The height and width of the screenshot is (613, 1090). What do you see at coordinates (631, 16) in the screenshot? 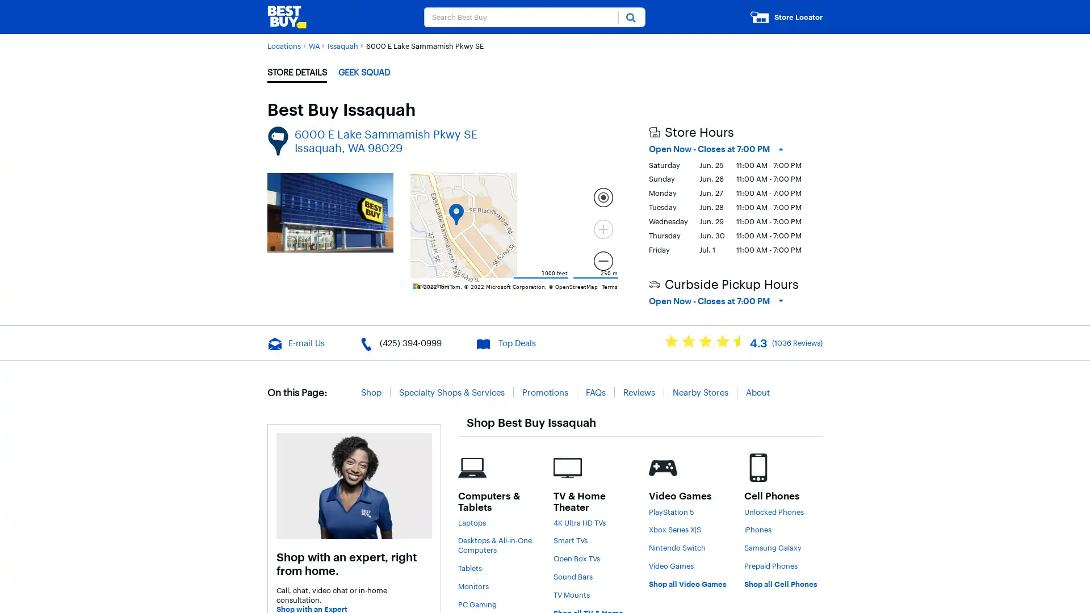
I see `Submit` at bounding box center [631, 16].